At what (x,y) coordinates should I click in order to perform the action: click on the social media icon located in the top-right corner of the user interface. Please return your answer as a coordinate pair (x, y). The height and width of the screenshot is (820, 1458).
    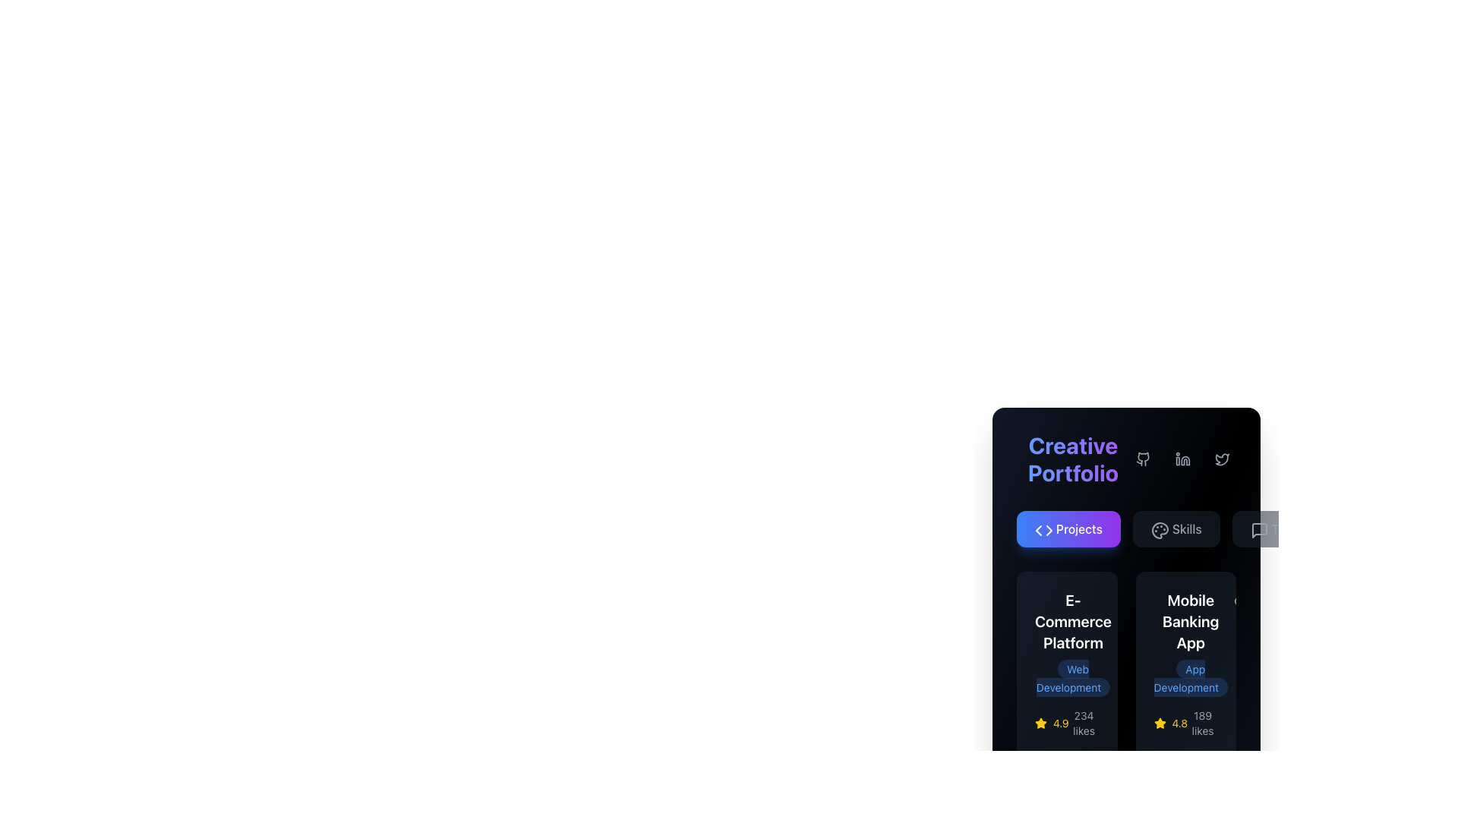
    Looking at the image, I should click on (1222, 459).